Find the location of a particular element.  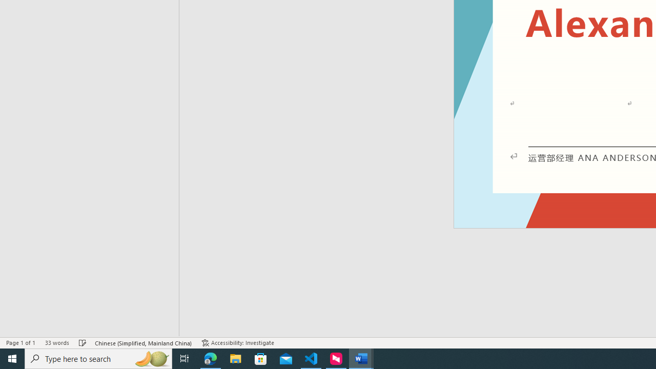

'Accessibility Checker Accessibility: Investigate' is located at coordinates (237, 343).